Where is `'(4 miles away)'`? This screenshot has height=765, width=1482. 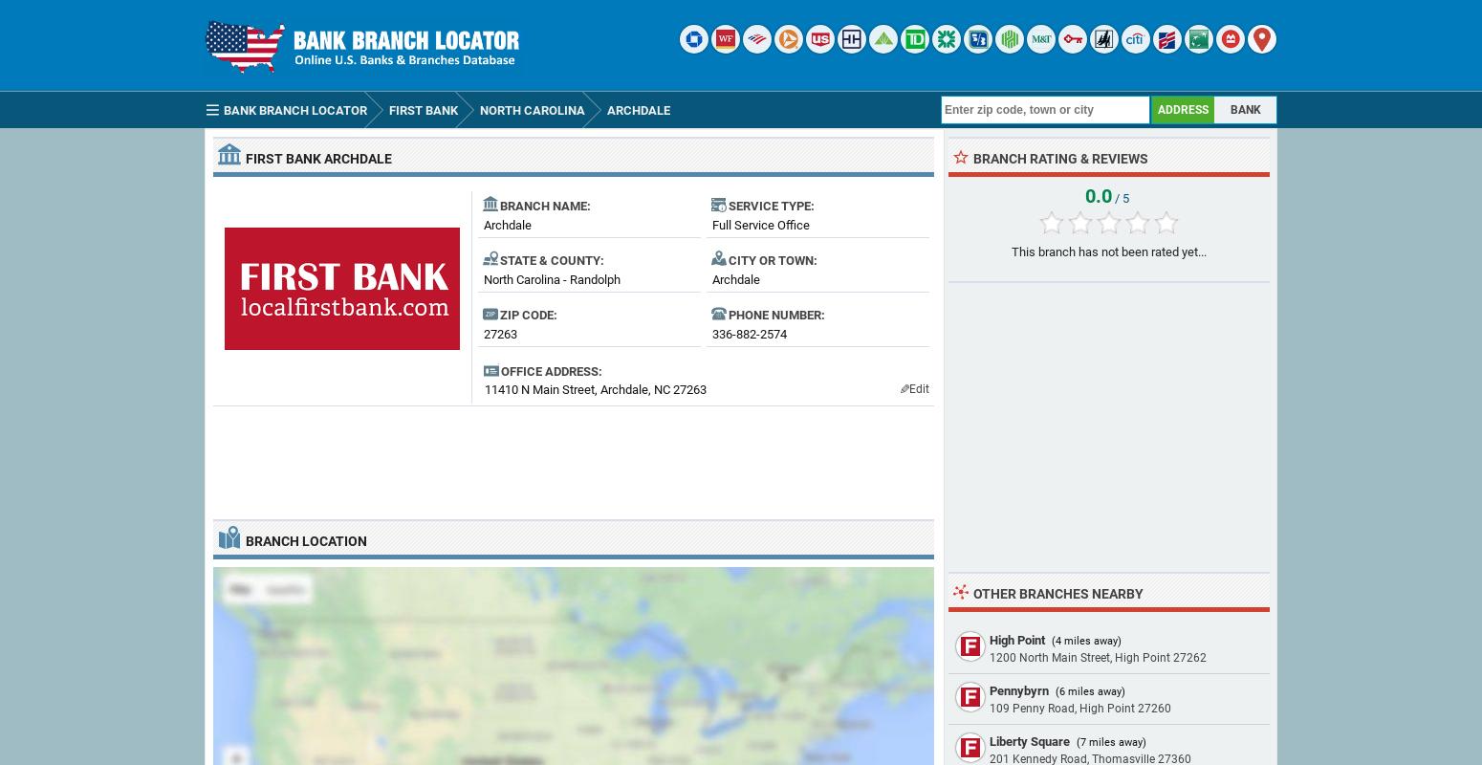
'(4 miles away)' is located at coordinates (1084, 641).